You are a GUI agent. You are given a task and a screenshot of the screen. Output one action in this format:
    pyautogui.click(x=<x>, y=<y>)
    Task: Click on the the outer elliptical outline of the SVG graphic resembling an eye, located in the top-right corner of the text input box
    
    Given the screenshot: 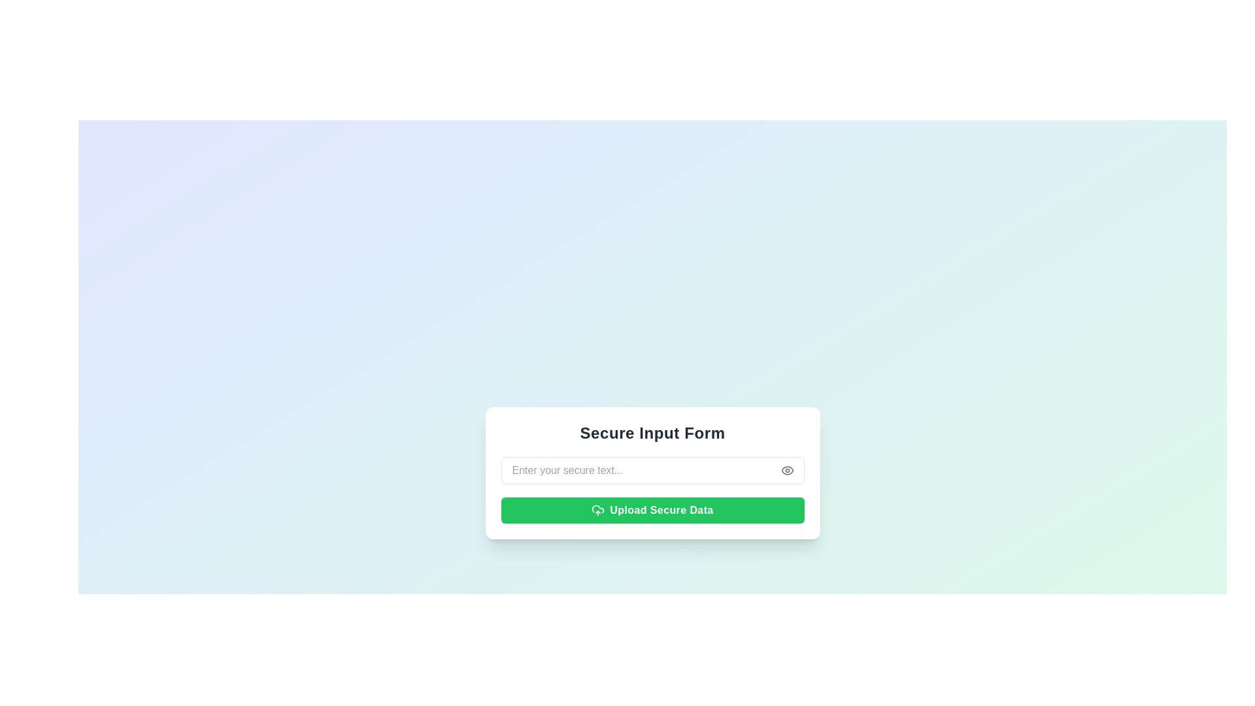 What is the action you would take?
    pyautogui.click(x=786, y=471)
    